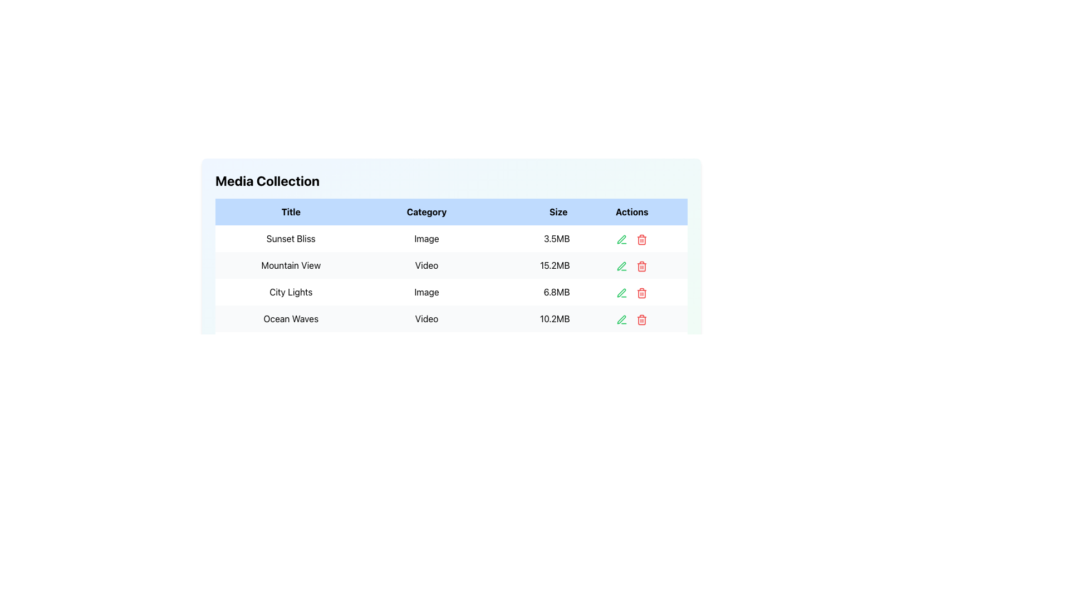 The height and width of the screenshot is (601, 1069). I want to click on text of the Table Header located at the last column of a four-column table, positioned after the 'Size' column in the top row, so click(632, 212).